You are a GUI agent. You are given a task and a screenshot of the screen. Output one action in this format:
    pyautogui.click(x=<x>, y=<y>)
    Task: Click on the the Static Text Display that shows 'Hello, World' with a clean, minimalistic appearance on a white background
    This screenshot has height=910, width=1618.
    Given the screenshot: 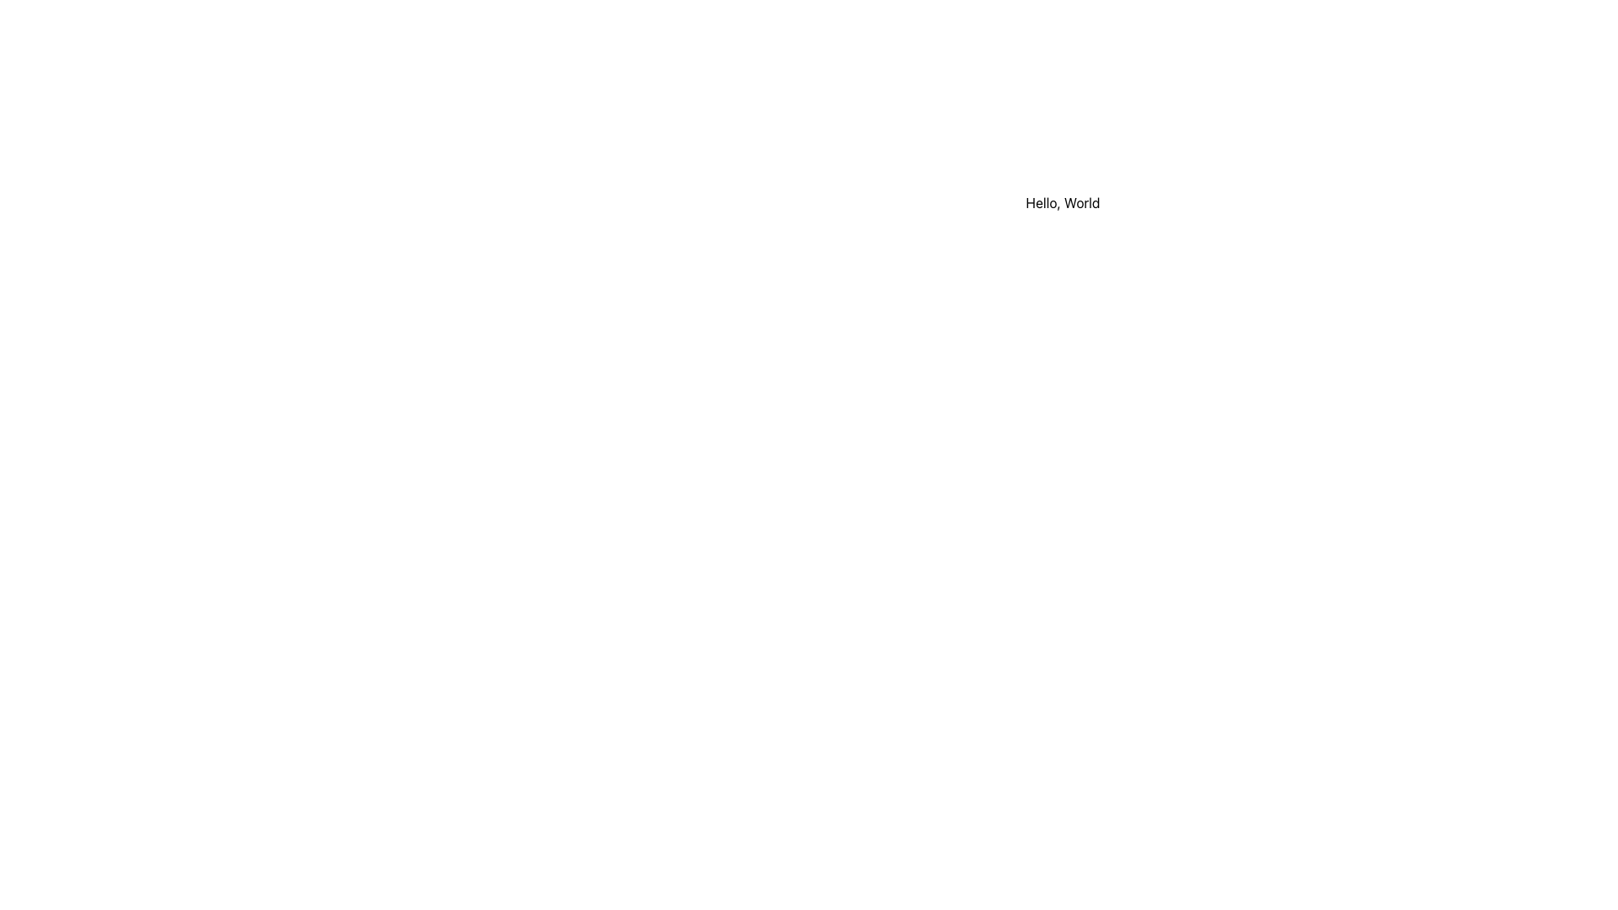 What is the action you would take?
    pyautogui.click(x=1062, y=201)
    